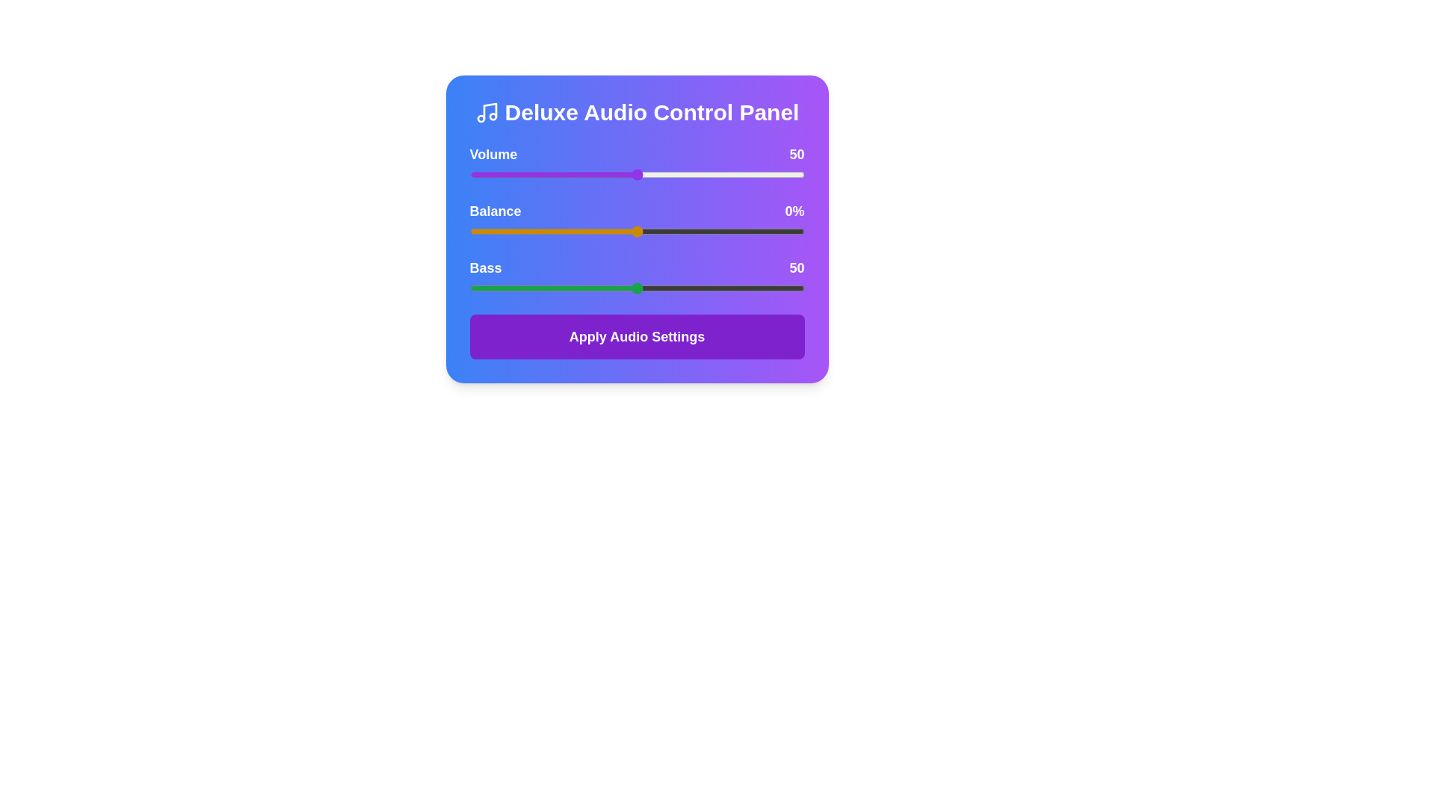  I want to click on the musical note icon representing the audio settings in the header section of the 'Deluxe Audio Control Panel', so click(487, 111).